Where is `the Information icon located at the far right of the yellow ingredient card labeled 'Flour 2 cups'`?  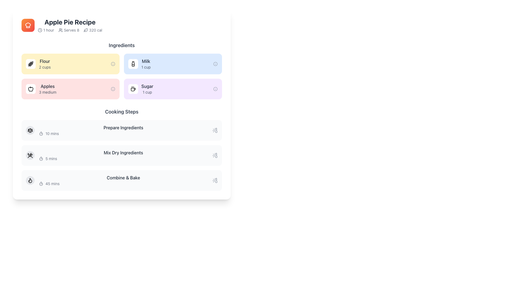 the Information icon located at the far right of the yellow ingredient card labeled 'Flour 2 cups' is located at coordinates (112, 64).